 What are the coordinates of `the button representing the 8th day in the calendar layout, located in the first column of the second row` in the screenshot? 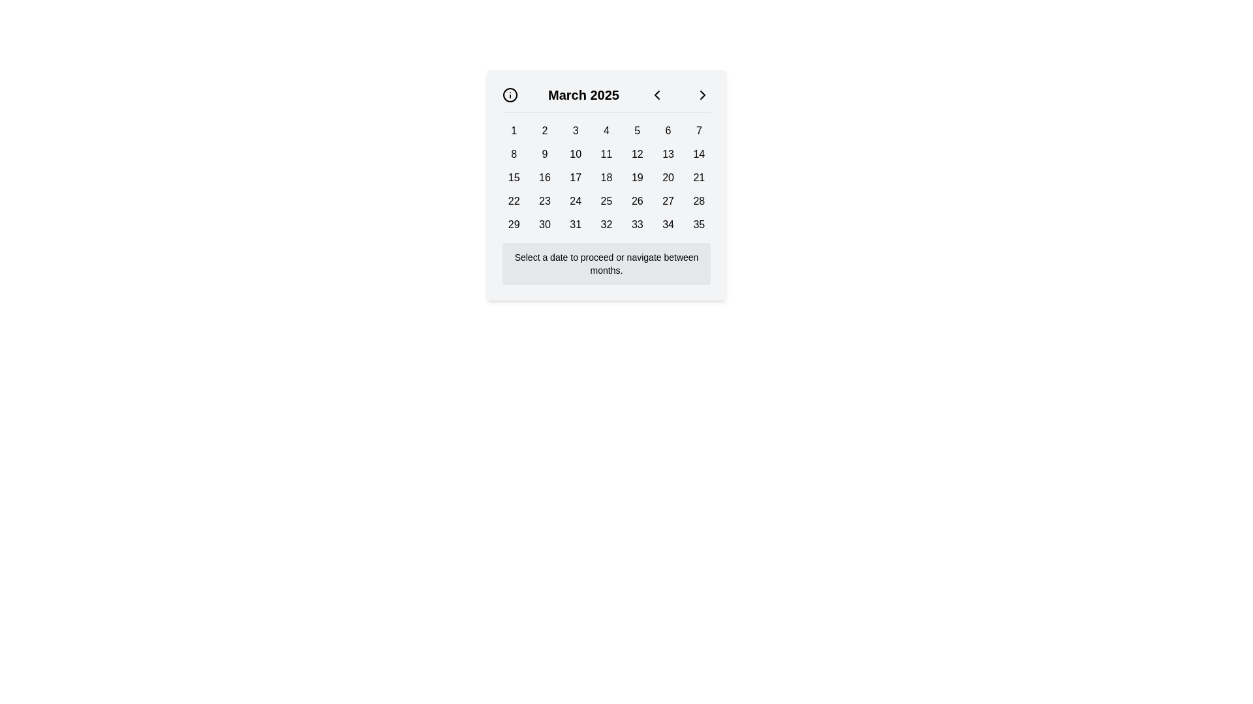 It's located at (513, 153).